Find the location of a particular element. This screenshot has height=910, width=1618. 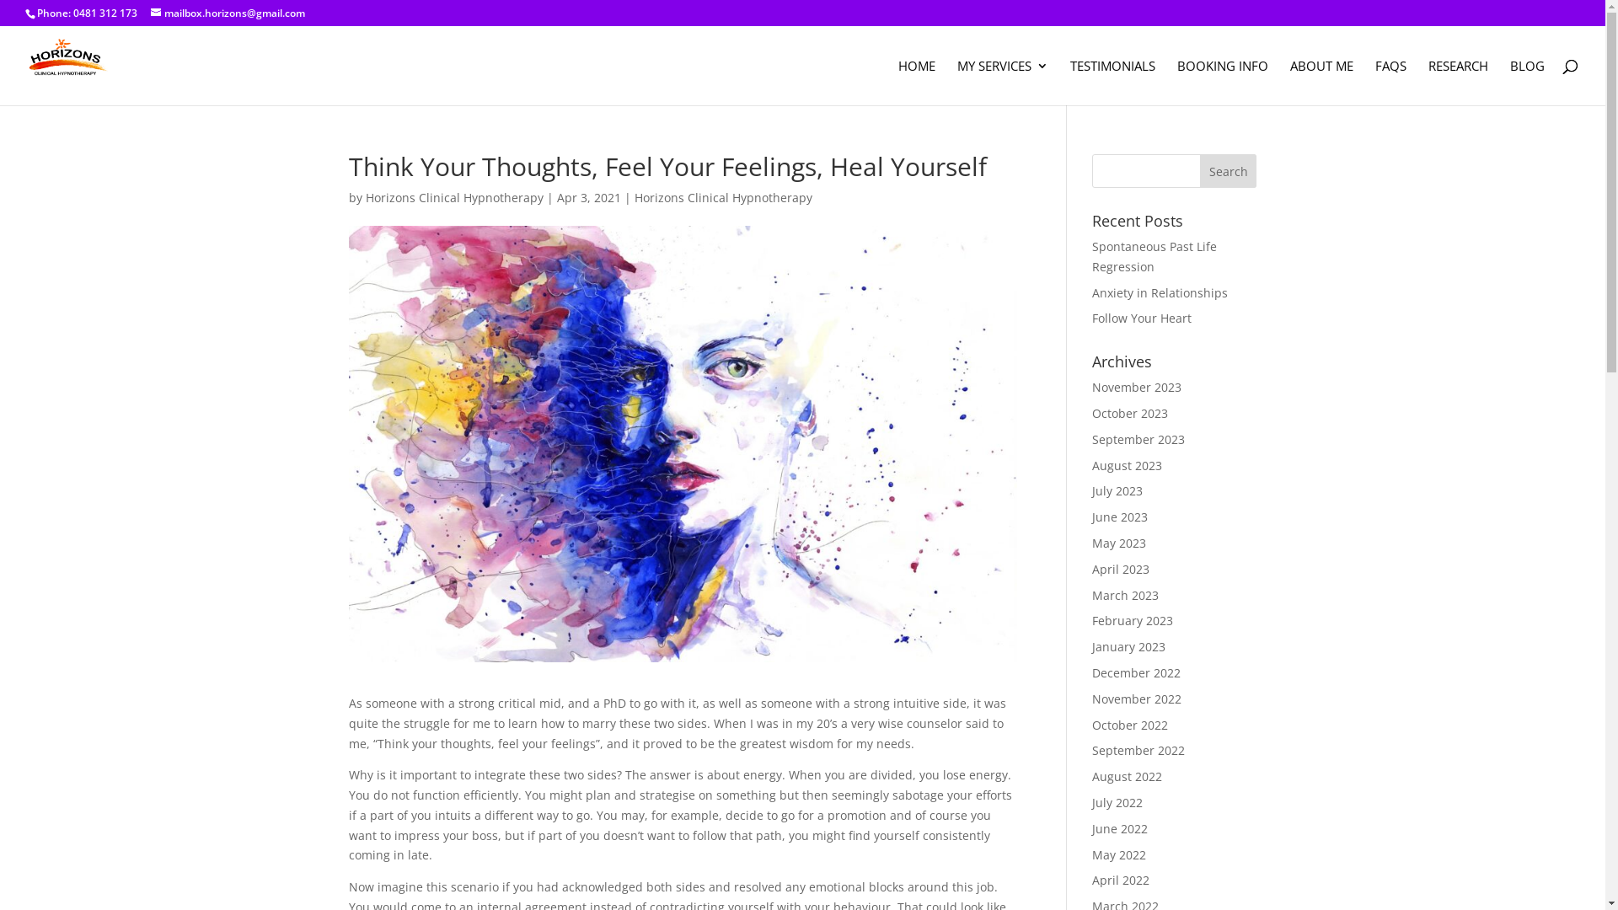

'February 2023' is located at coordinates (1133, 620).